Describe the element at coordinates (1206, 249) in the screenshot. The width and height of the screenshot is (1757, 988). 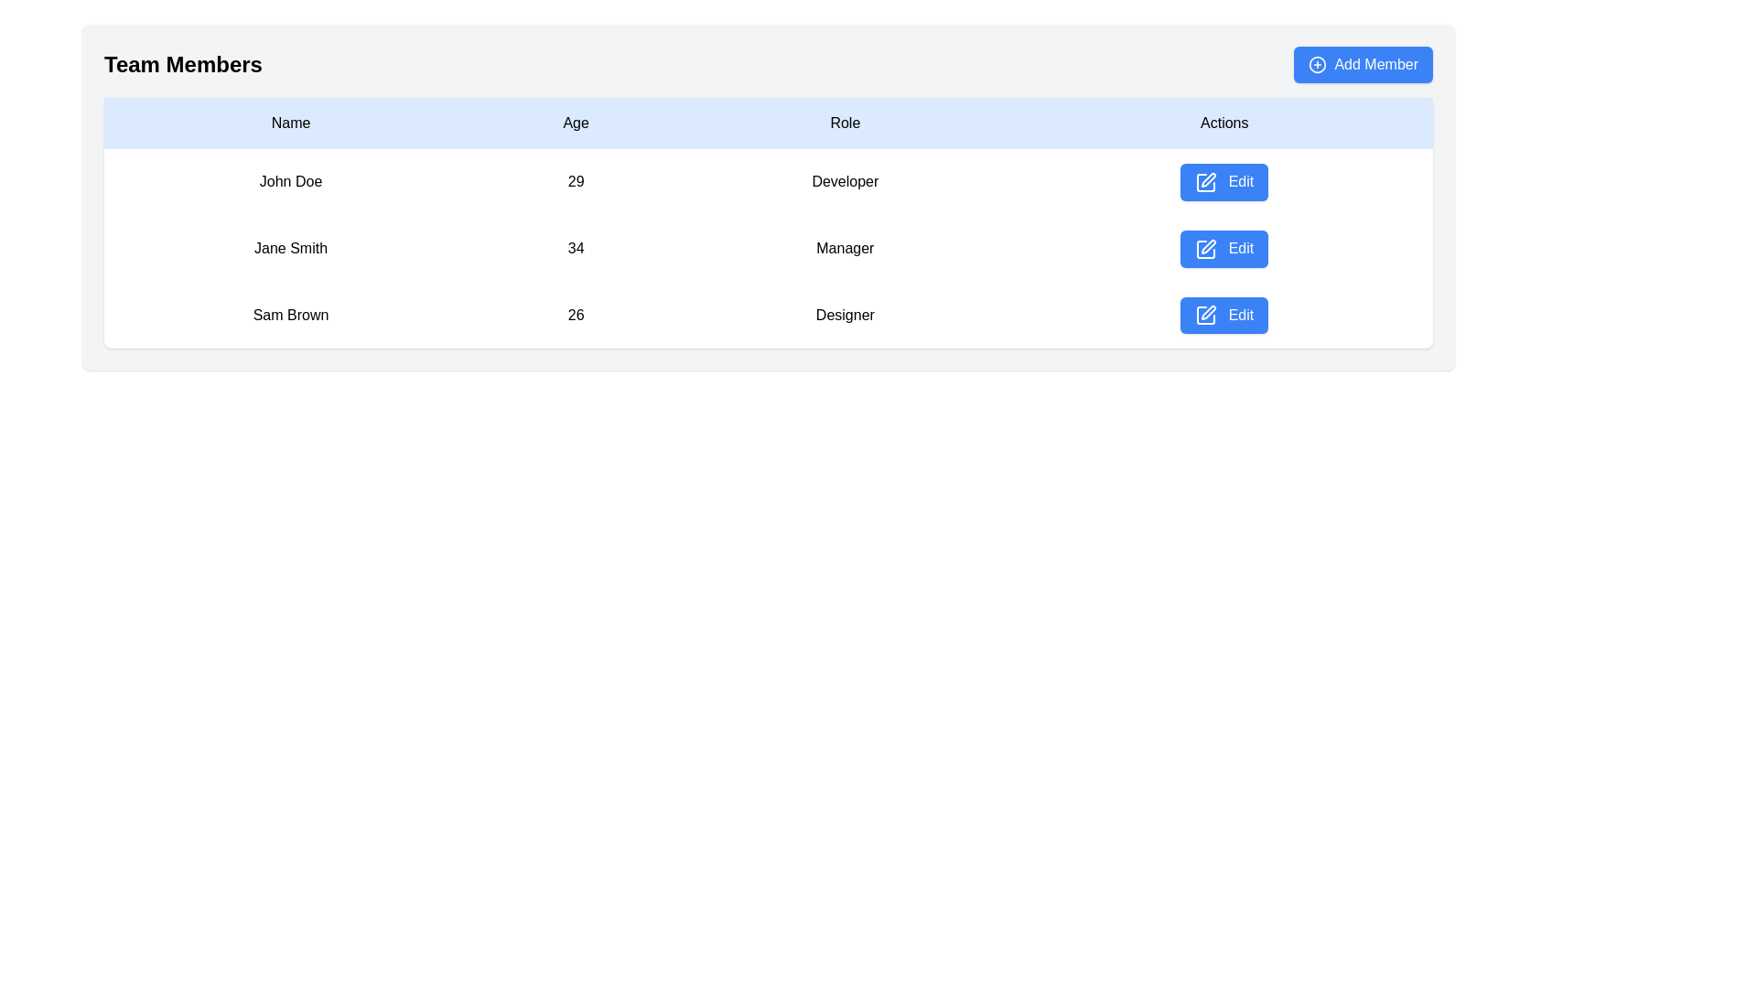
I see `the pen icon located to the left of the 'Edit' text label in the second 'Edit' button for 'Jane Smith'` at that location.